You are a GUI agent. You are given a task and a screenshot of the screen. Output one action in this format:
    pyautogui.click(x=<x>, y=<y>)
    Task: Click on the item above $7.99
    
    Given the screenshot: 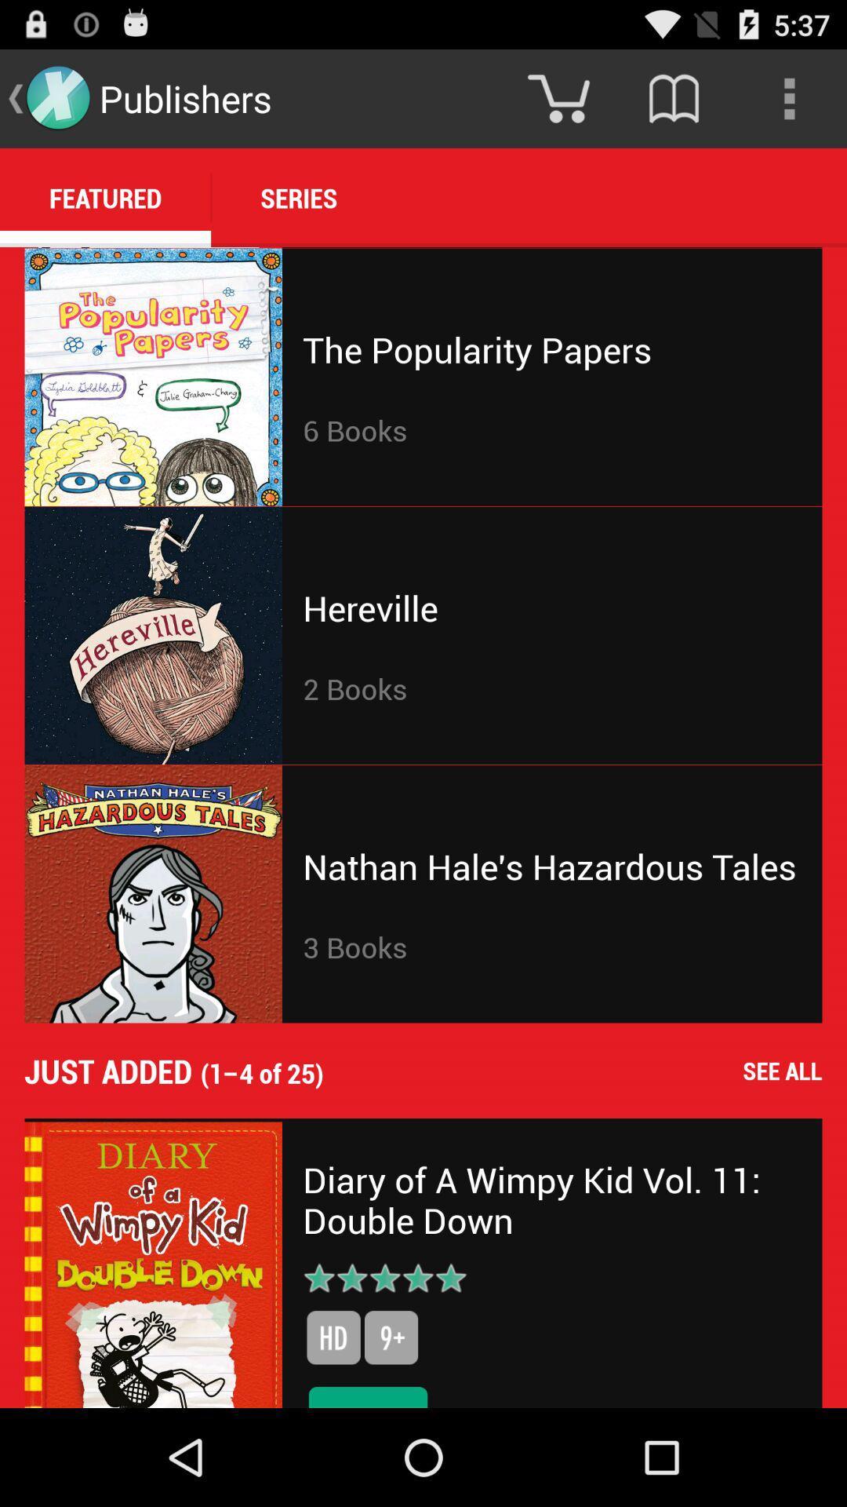 What is the action you would take?
    pyautogui.click(x=391, y=1337)
    